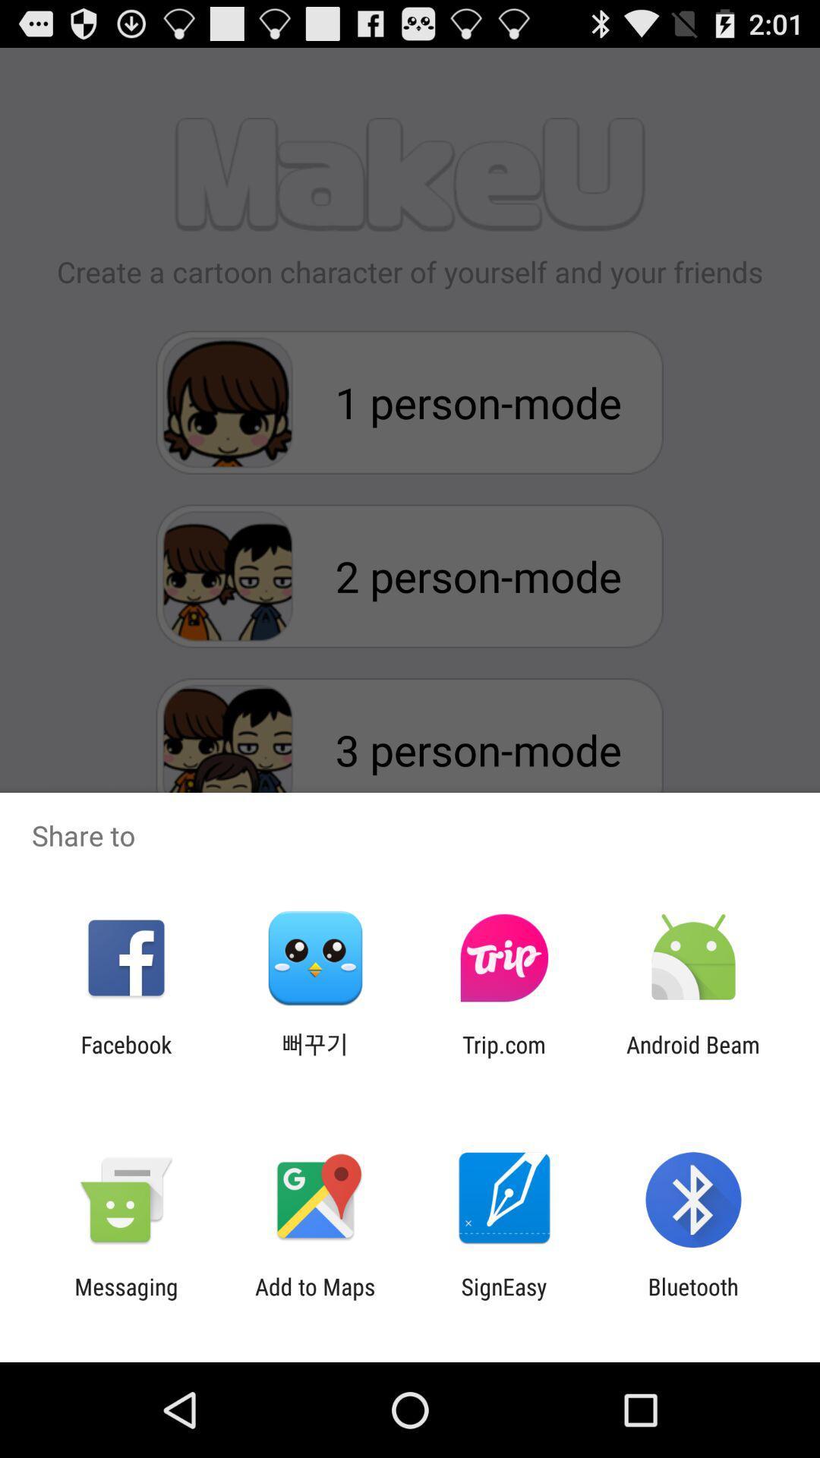  Describe the element at coordinates (693, 1299) in the screenshot. I see `bluetooth icon` at that location.